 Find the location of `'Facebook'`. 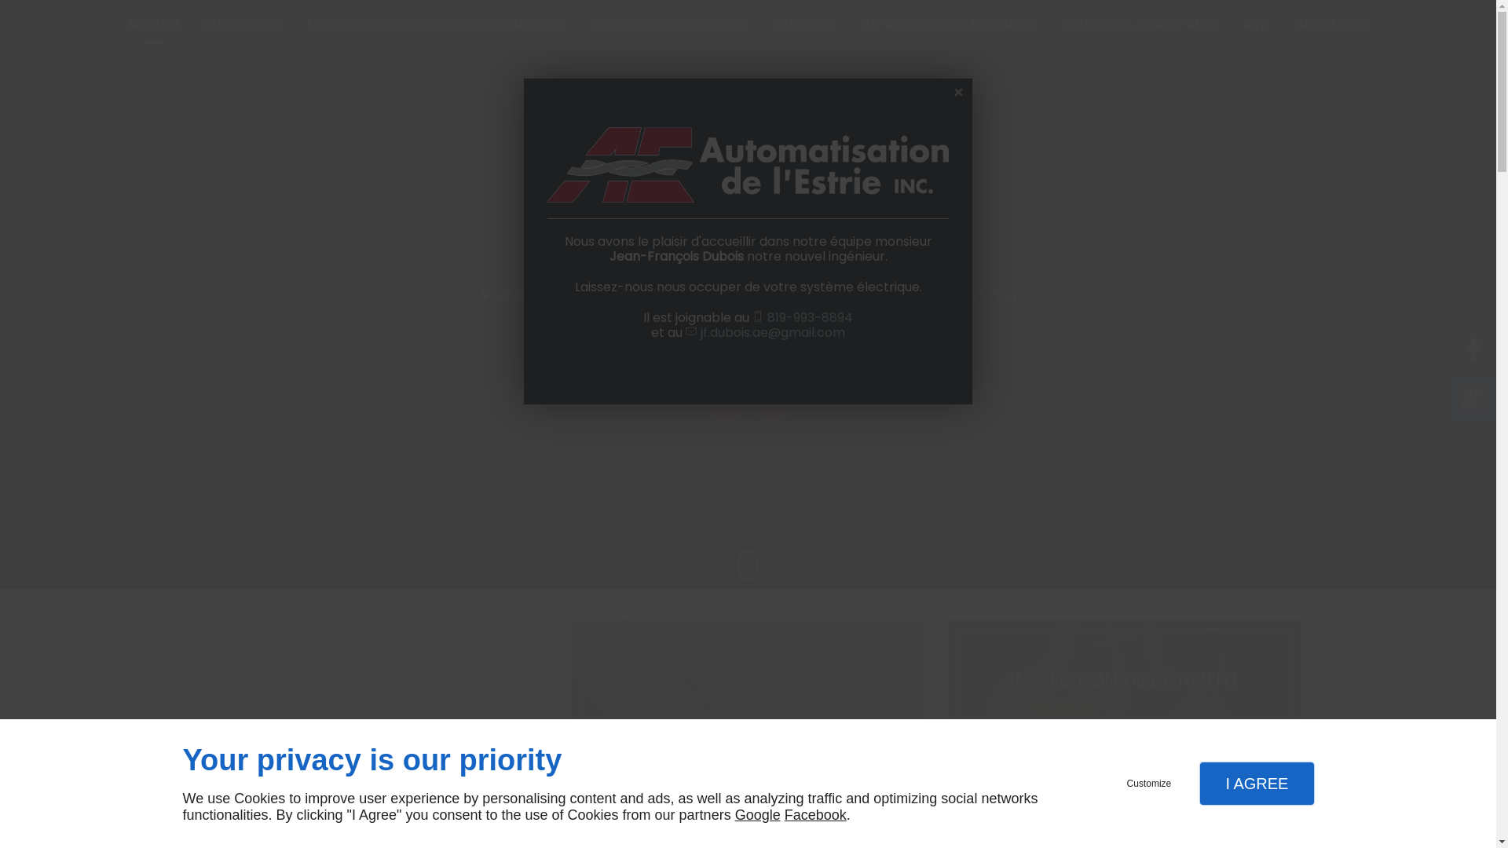

'Facebook' is located at coordinates (815, 813).